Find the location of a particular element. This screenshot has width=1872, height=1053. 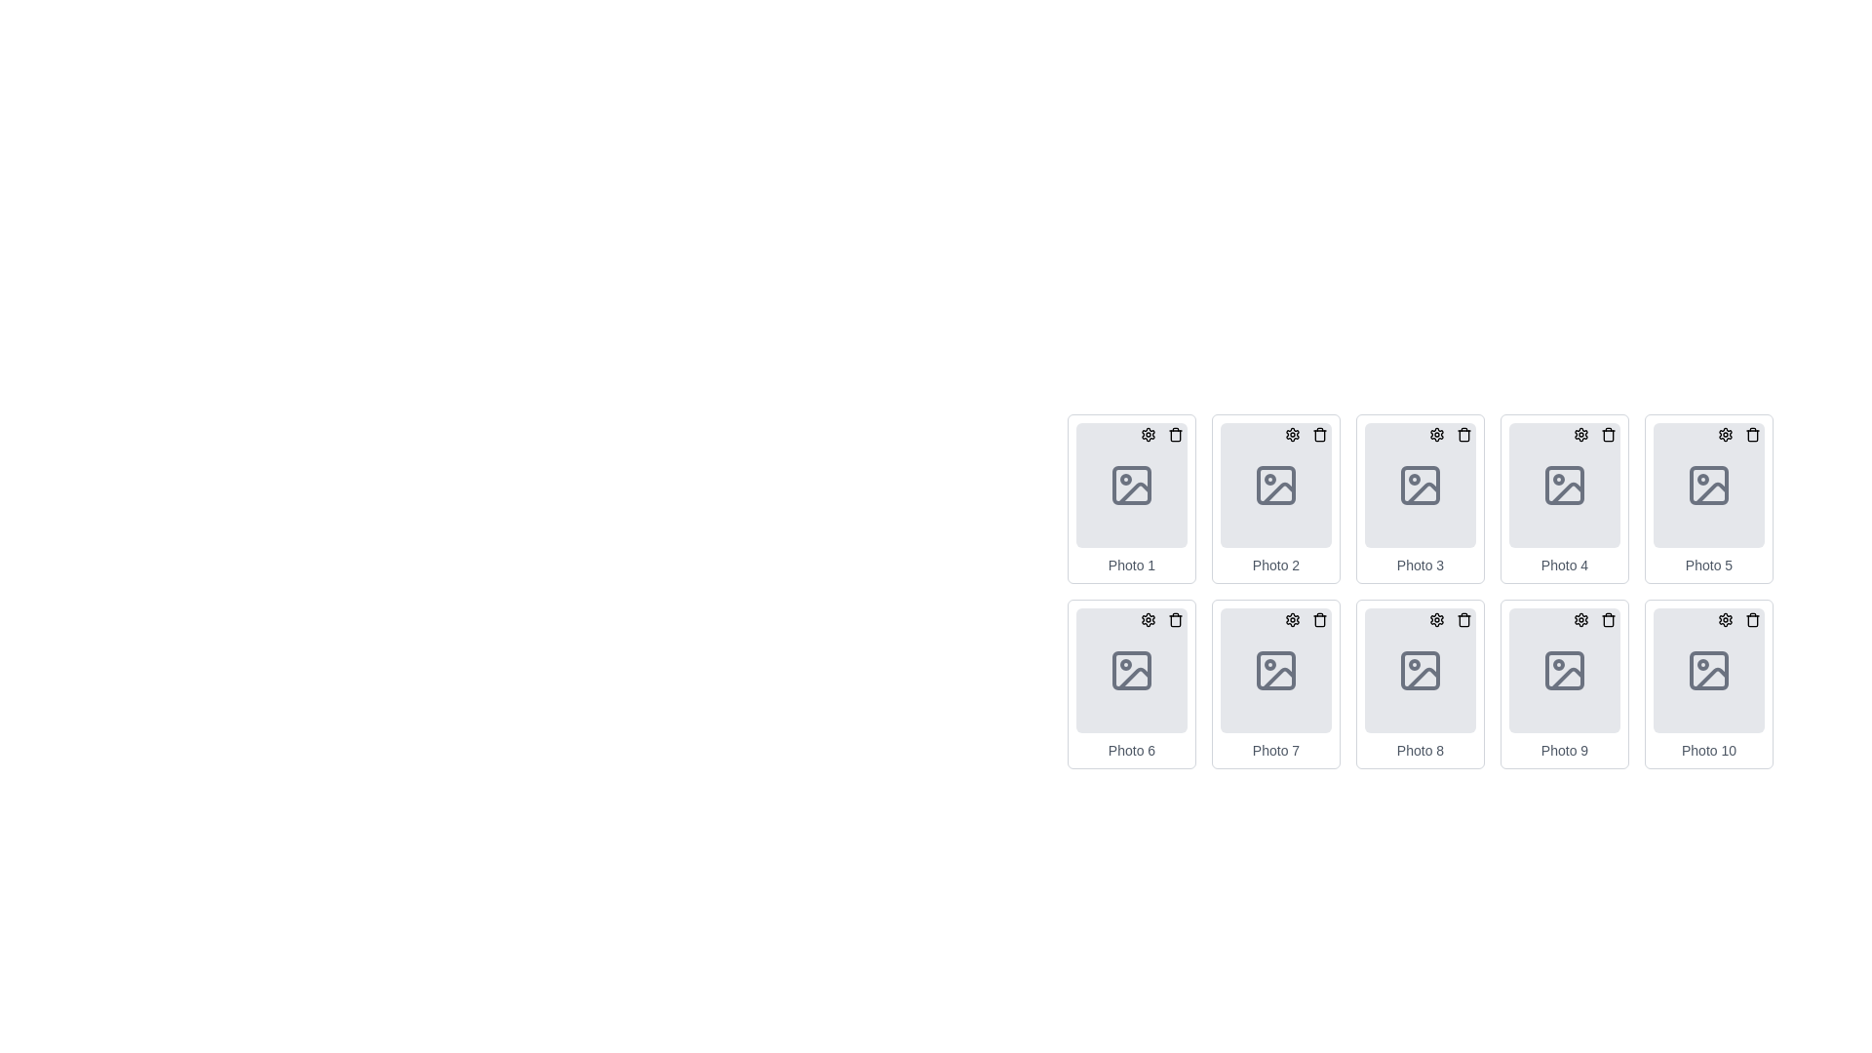

the settings button located at the top-right corner of the card titled 'Photo 6' is located at coordinates (1148, 620).